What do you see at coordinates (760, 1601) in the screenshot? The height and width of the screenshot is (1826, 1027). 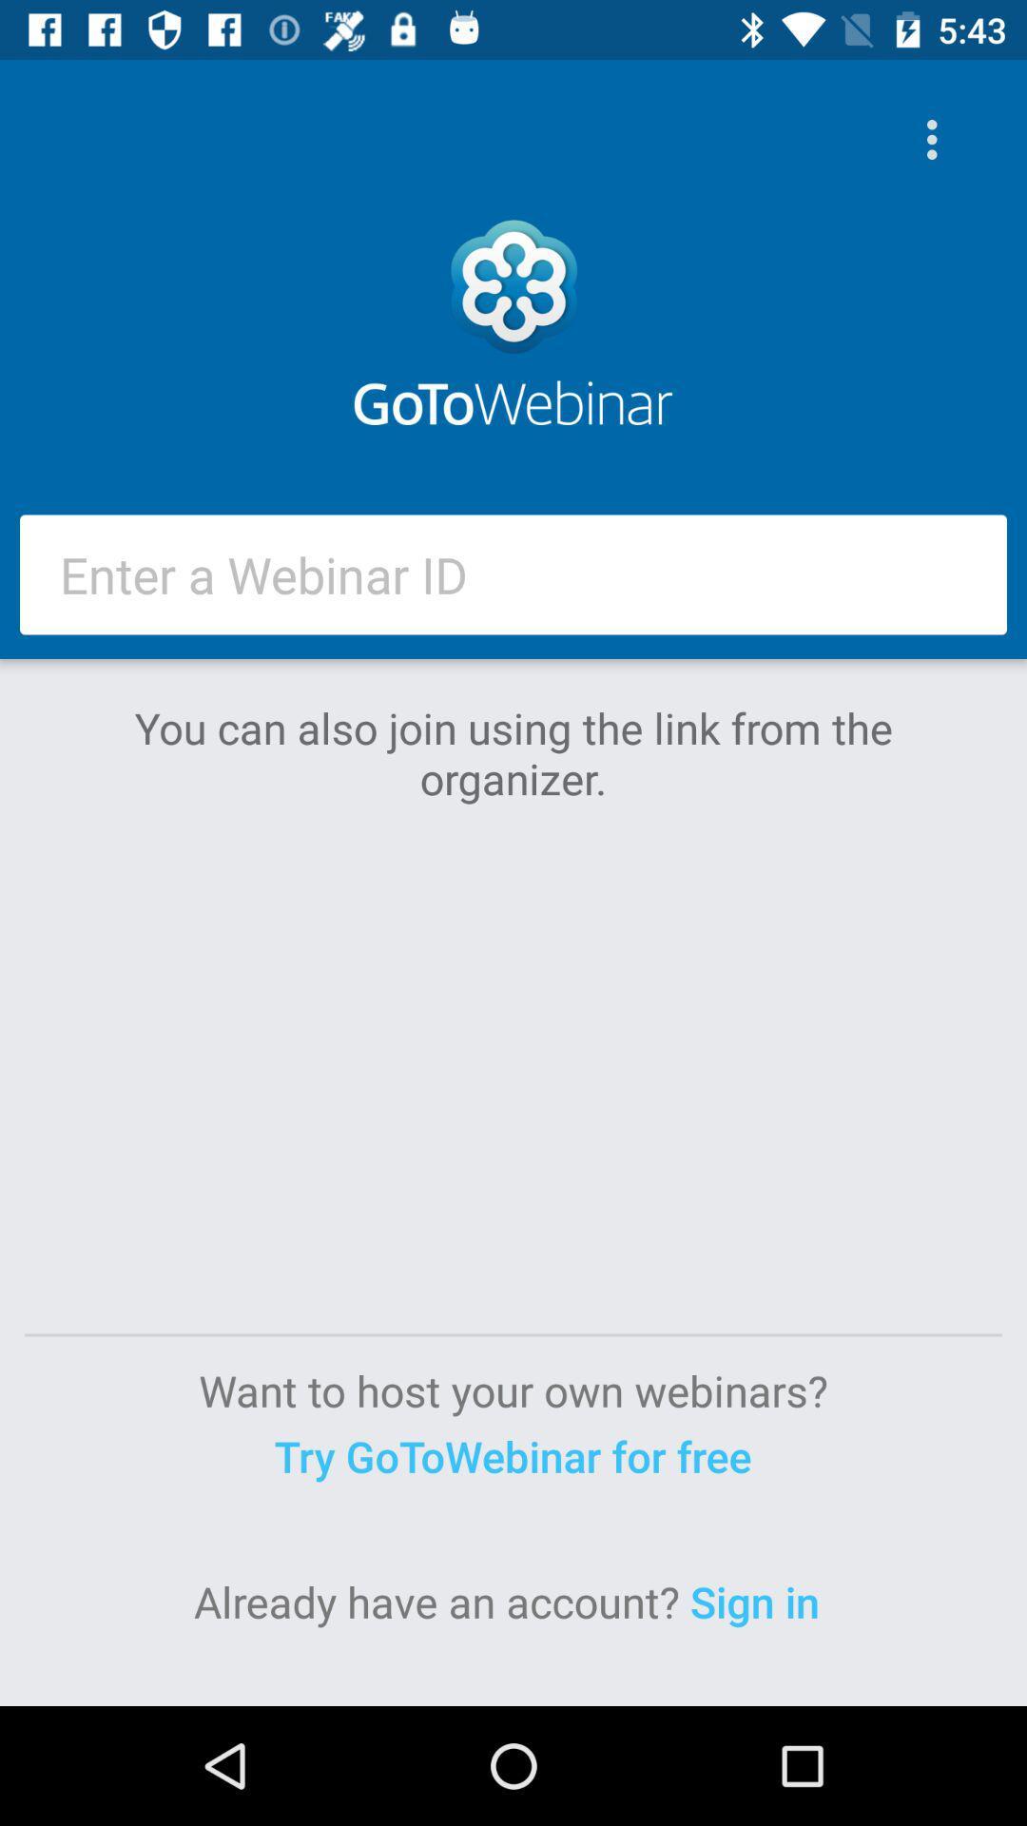 I see `the sign in item` at bounding box center [760, 1601].